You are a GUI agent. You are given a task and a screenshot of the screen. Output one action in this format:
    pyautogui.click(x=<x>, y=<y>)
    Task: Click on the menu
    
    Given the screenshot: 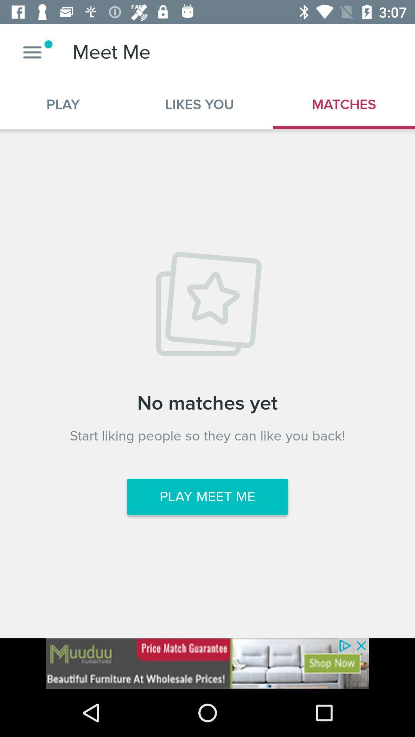 What is the action you would take?
    pyautogui.click(x=32, y=52)
    